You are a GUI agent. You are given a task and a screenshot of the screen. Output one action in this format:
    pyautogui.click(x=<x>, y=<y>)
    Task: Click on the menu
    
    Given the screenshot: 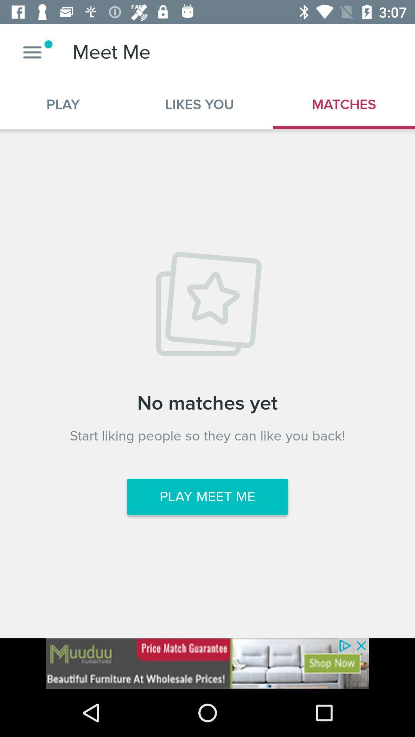 What is the action you would take?
    pyautogui.click(x=32, y=52)
    